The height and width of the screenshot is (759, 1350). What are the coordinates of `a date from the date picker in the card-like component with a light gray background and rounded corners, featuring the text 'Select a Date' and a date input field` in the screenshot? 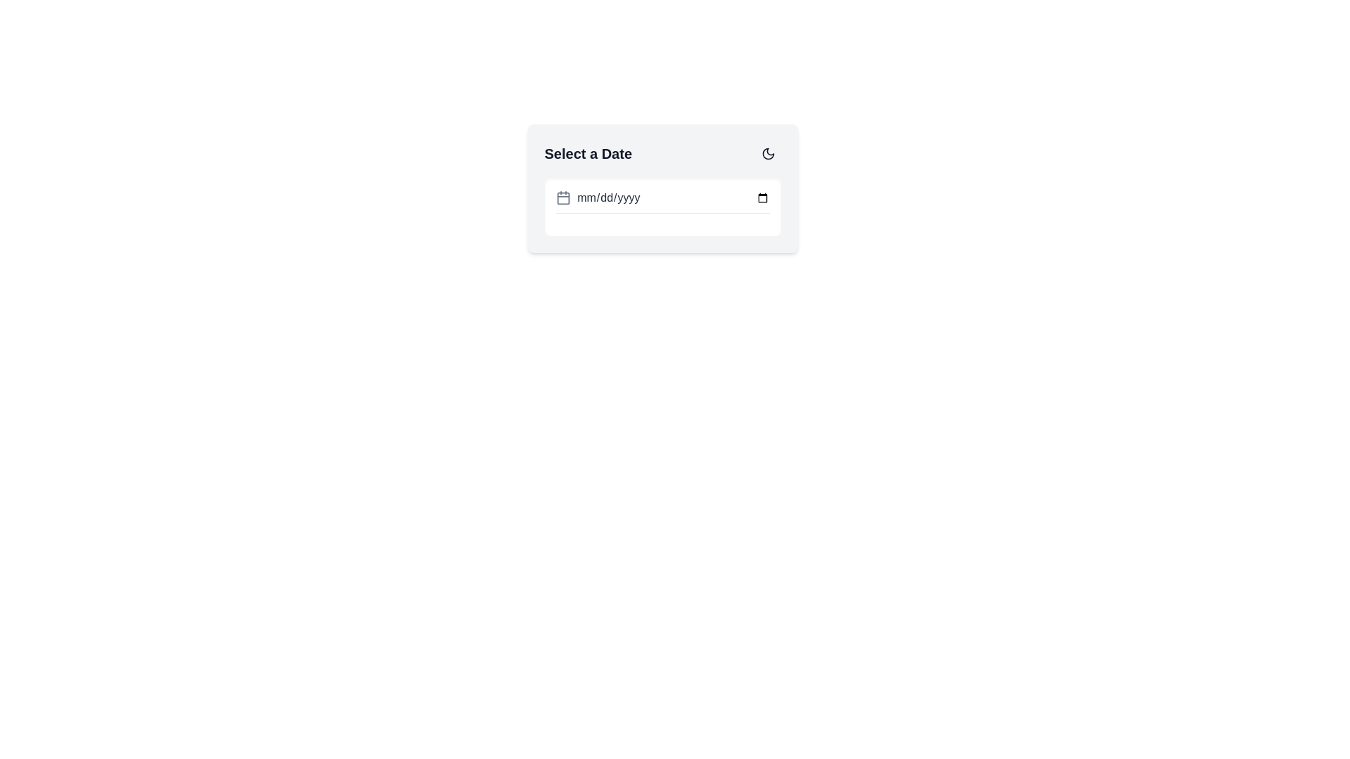 It's located at (662, 188).